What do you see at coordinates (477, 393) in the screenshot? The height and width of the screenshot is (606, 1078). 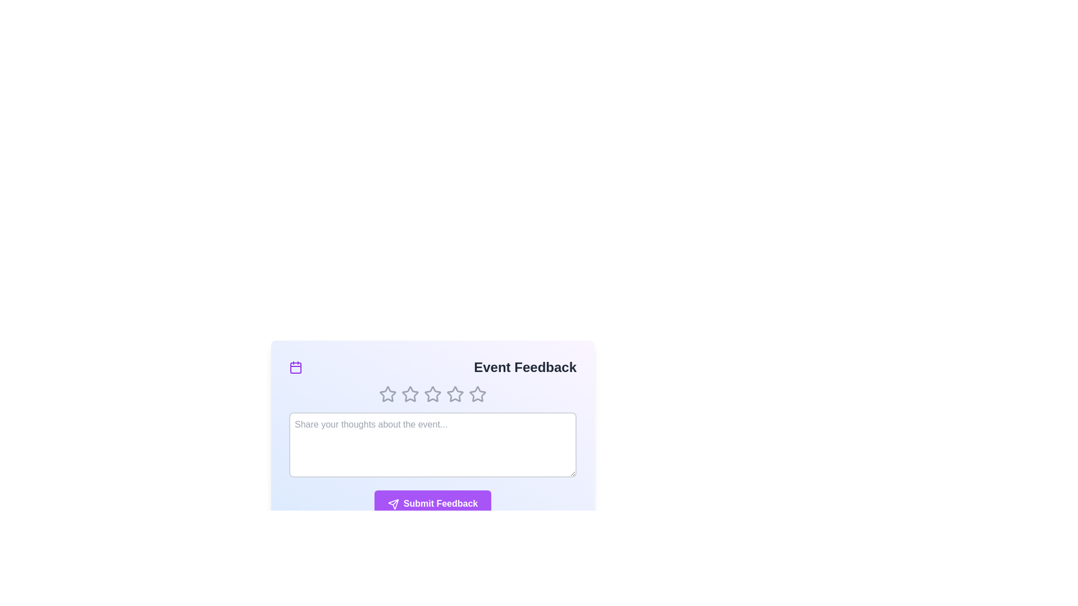 I see `the fifth star icon in the rating system` at bounding box center [477, 393].